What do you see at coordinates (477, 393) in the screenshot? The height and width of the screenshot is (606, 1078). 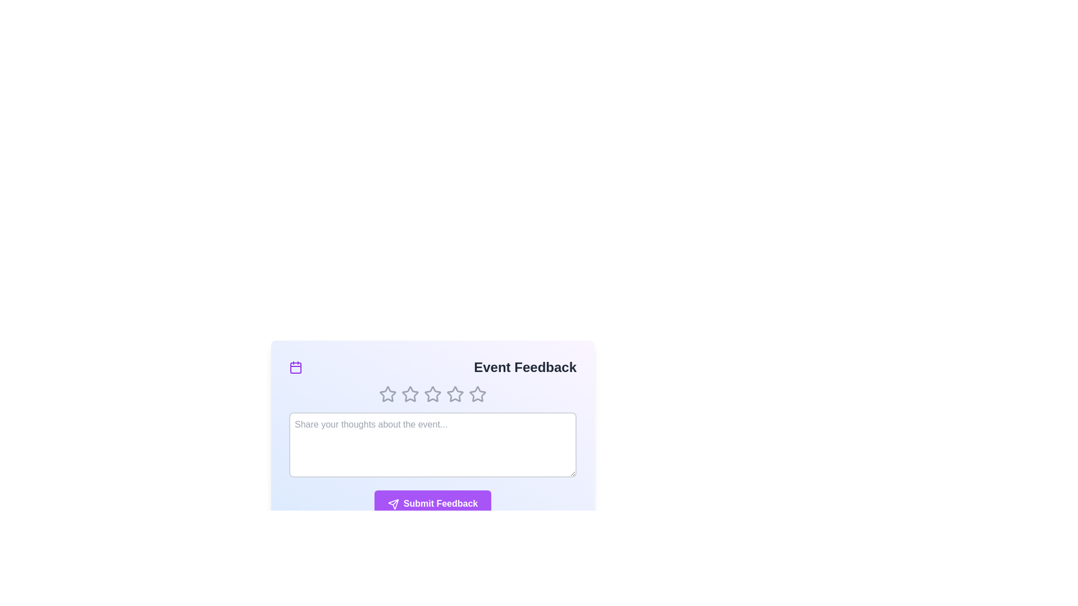 I see `the fifth star icon in the rating system` at bounding box center [477, 393].